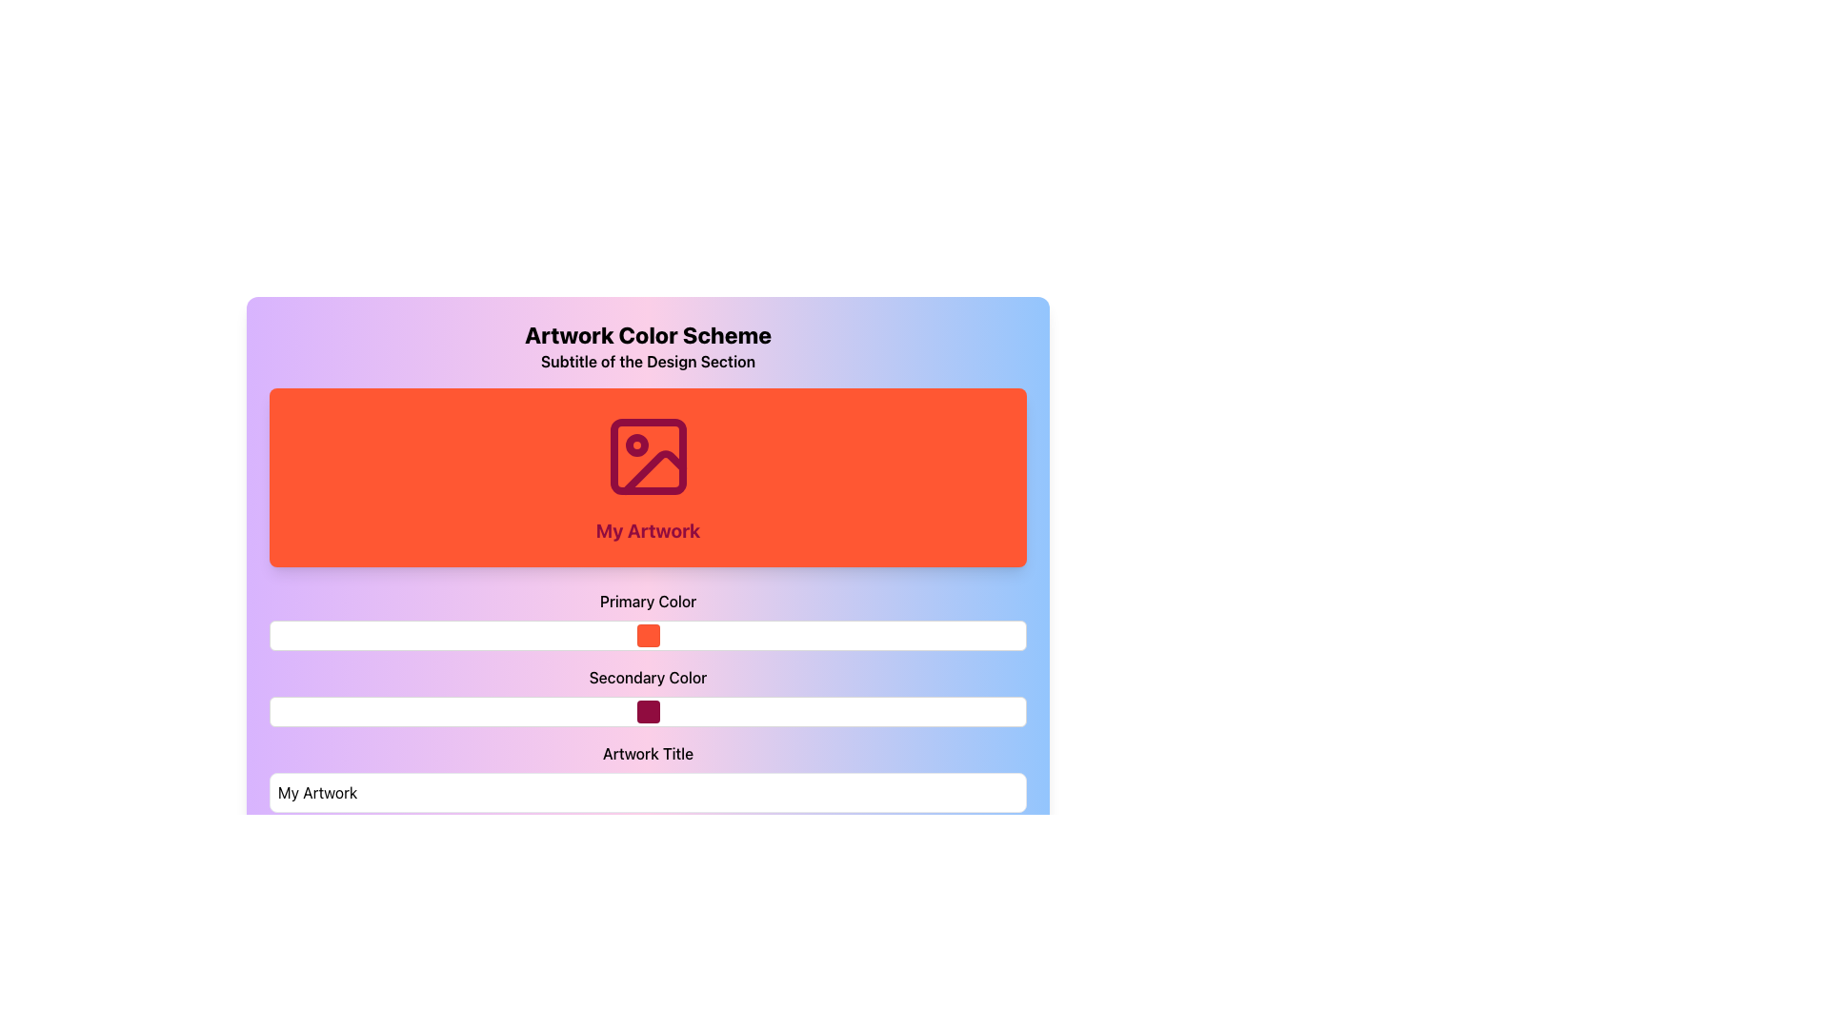 This screenshot has height=1028, width=1829. I want to click on the Color display block associated with the 'Primary Color' label, so click(648, 635).